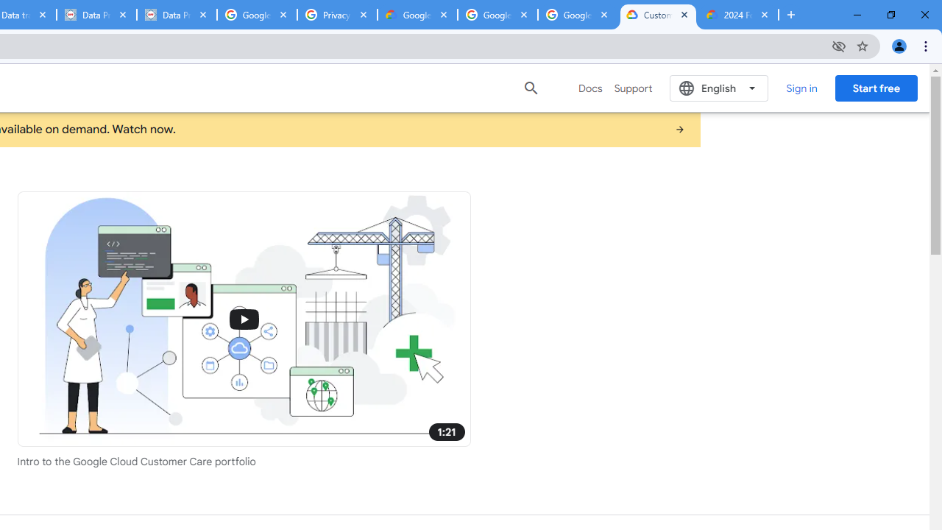  Describe the element at coordinates (876, 88) in the screenshot. I see `'Start free'` at that location.